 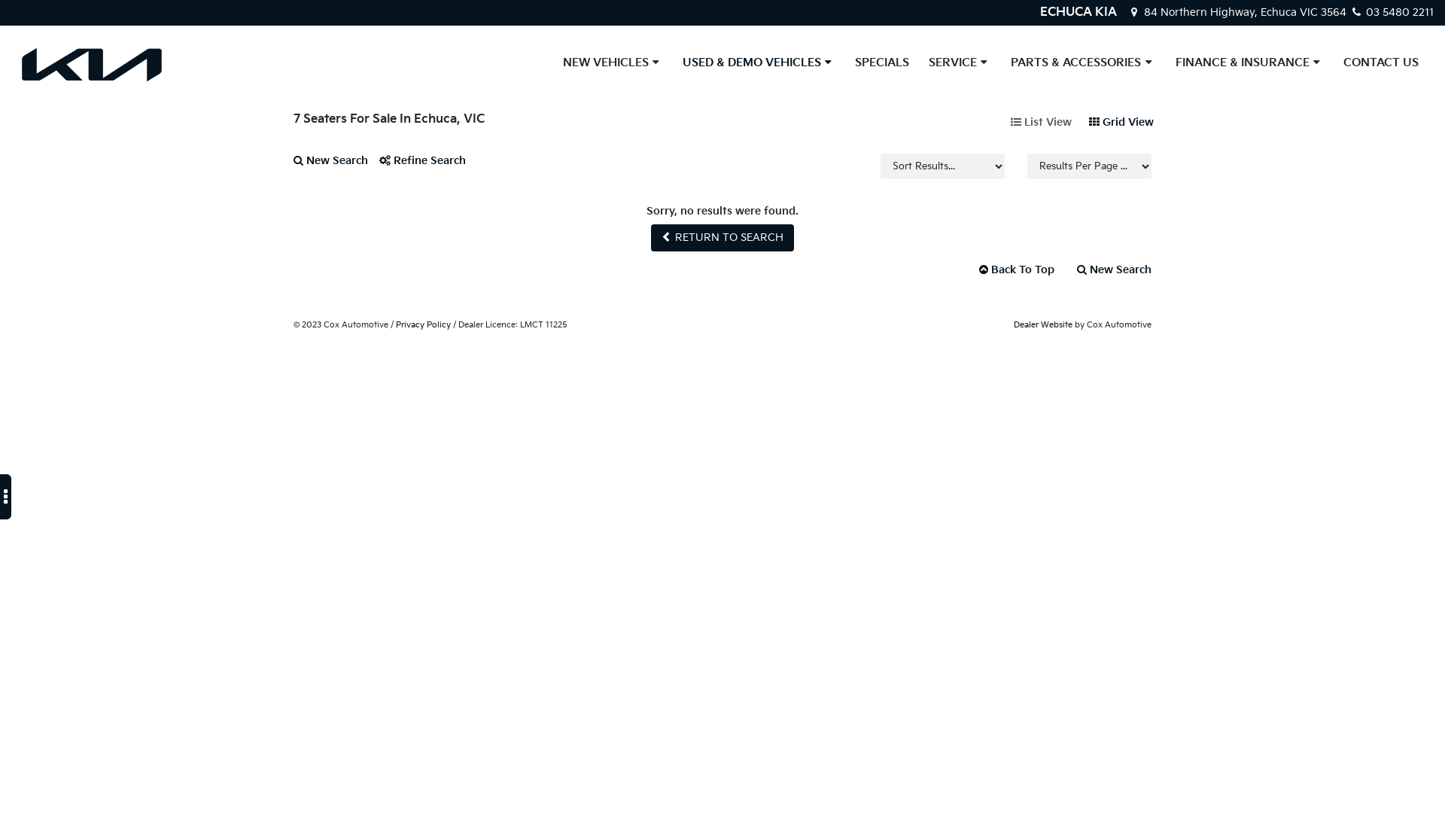 What do you see at coordinates (671, 62) in the screenshot?
I see `'USED & DEMO VEHICLES'` at bounding box center [671, 62].